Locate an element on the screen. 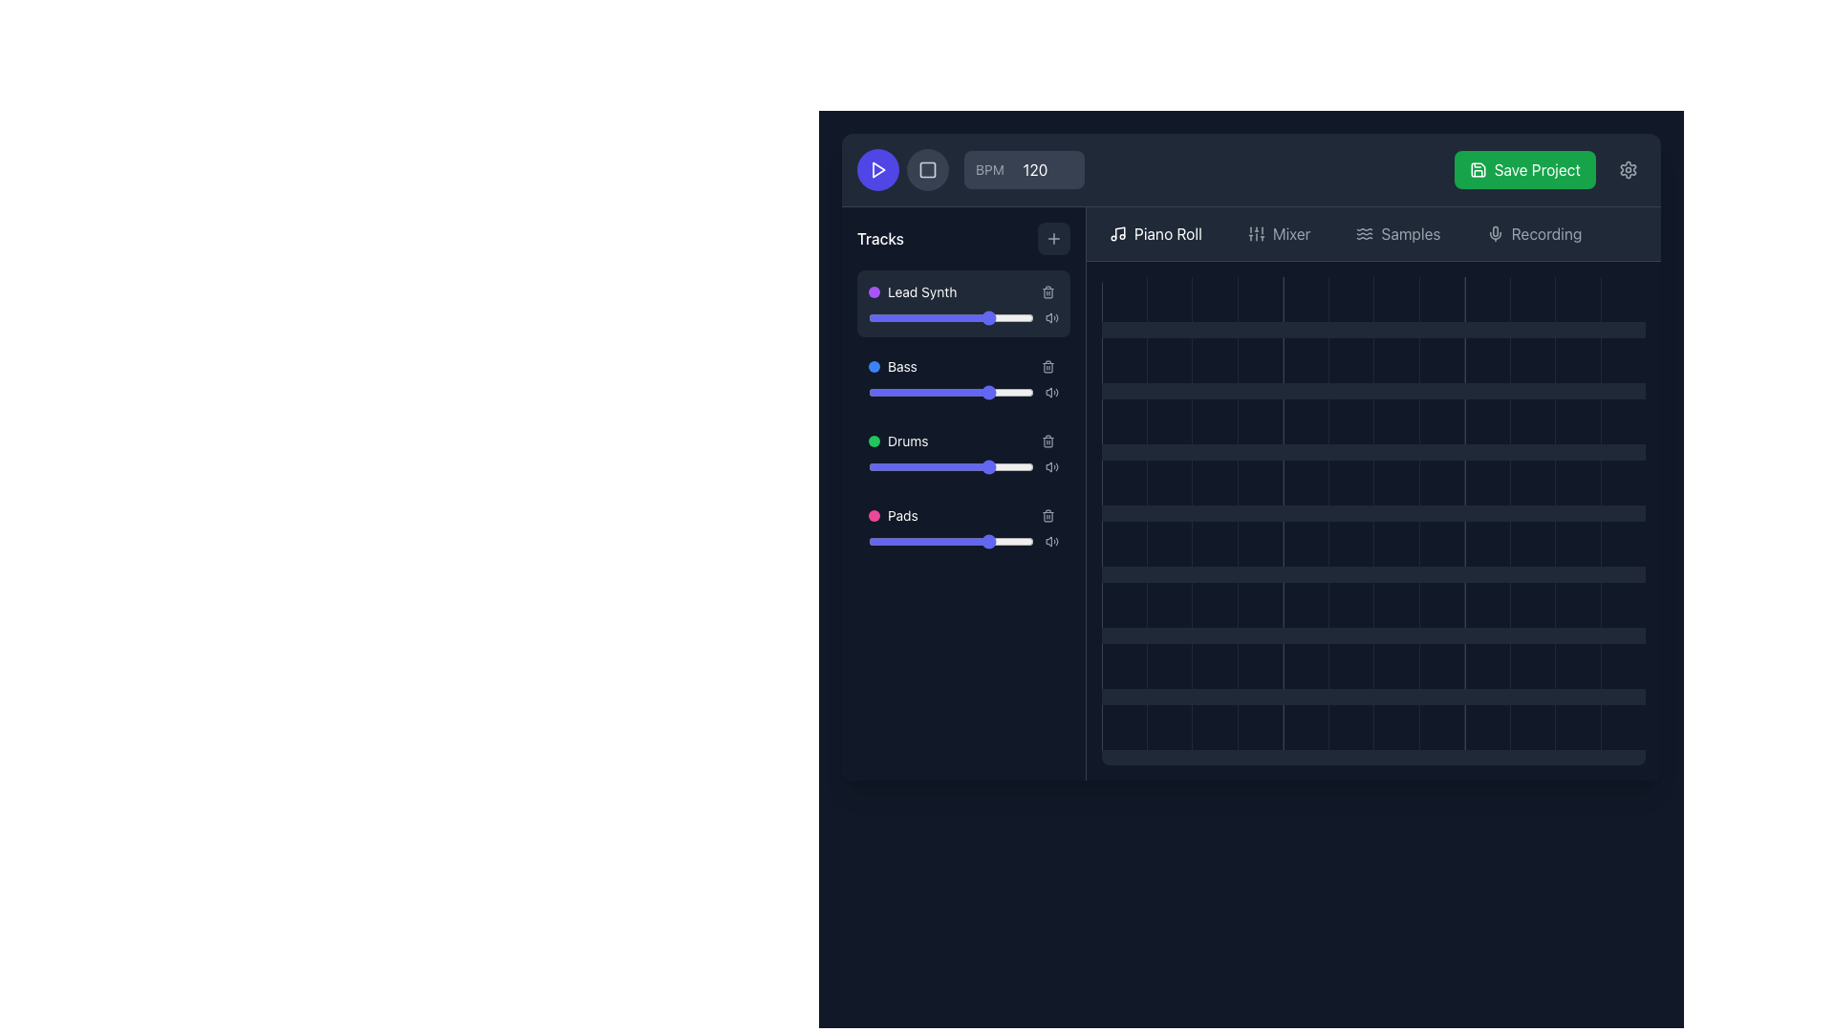 This screenshot has width=1835, height=1032. the grid cell located in the fourth row and eighth column of the music composition interface is located at coordinates (1441, 360).